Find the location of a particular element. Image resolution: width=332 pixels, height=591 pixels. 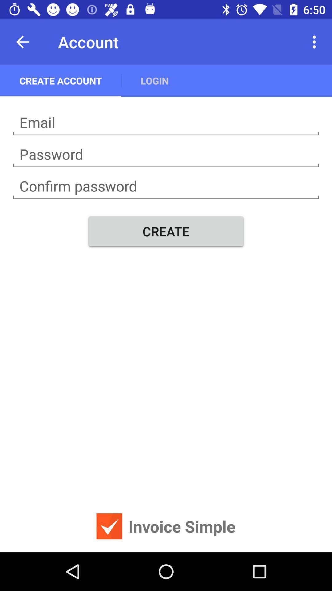

email is located at coordinates (166, 123).